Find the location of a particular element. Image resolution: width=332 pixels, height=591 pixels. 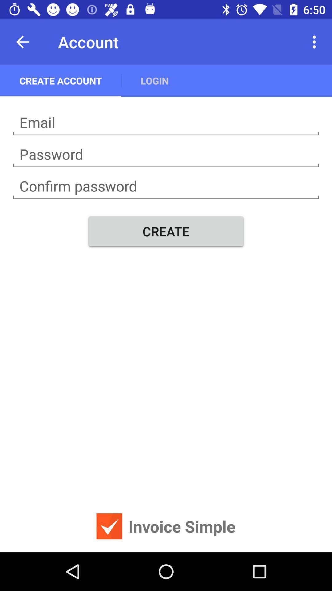

email is located at coordinates (166, 123).